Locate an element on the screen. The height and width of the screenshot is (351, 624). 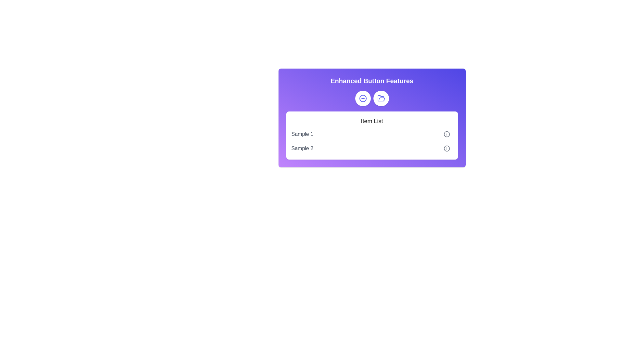
the second circular button located at the top of the card labeled 'Enhanced Button Features' is located at coordinates (381, 98).